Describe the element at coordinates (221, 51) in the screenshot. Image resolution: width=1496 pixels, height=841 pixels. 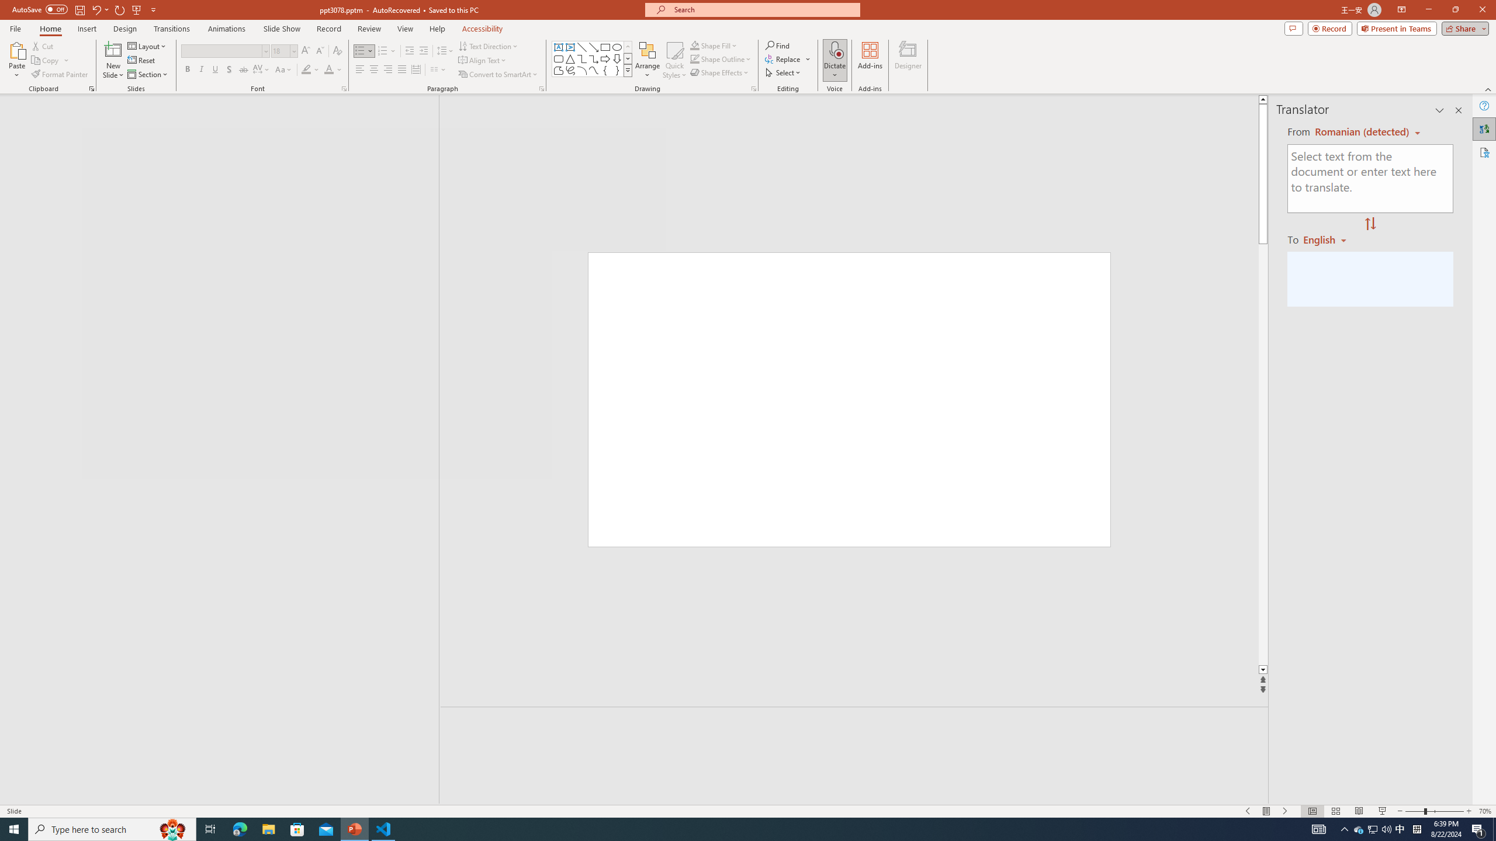
I see `'Font'` at that location.